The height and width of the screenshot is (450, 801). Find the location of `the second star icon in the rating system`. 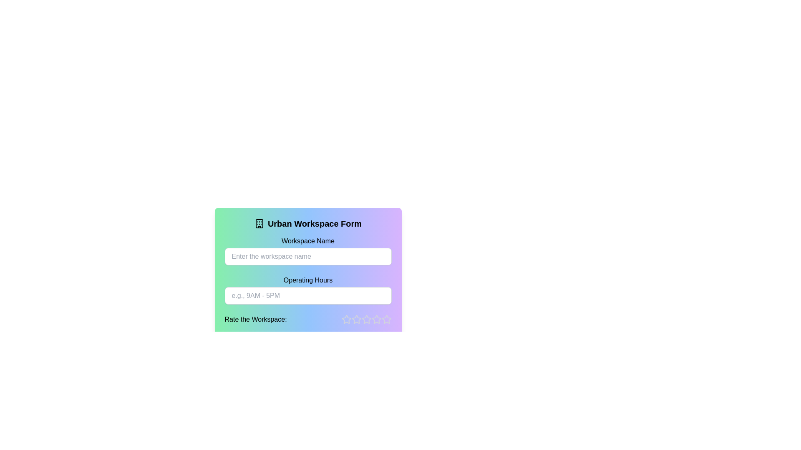

the second star icon in the rating system is located at coordinates (356, 319).